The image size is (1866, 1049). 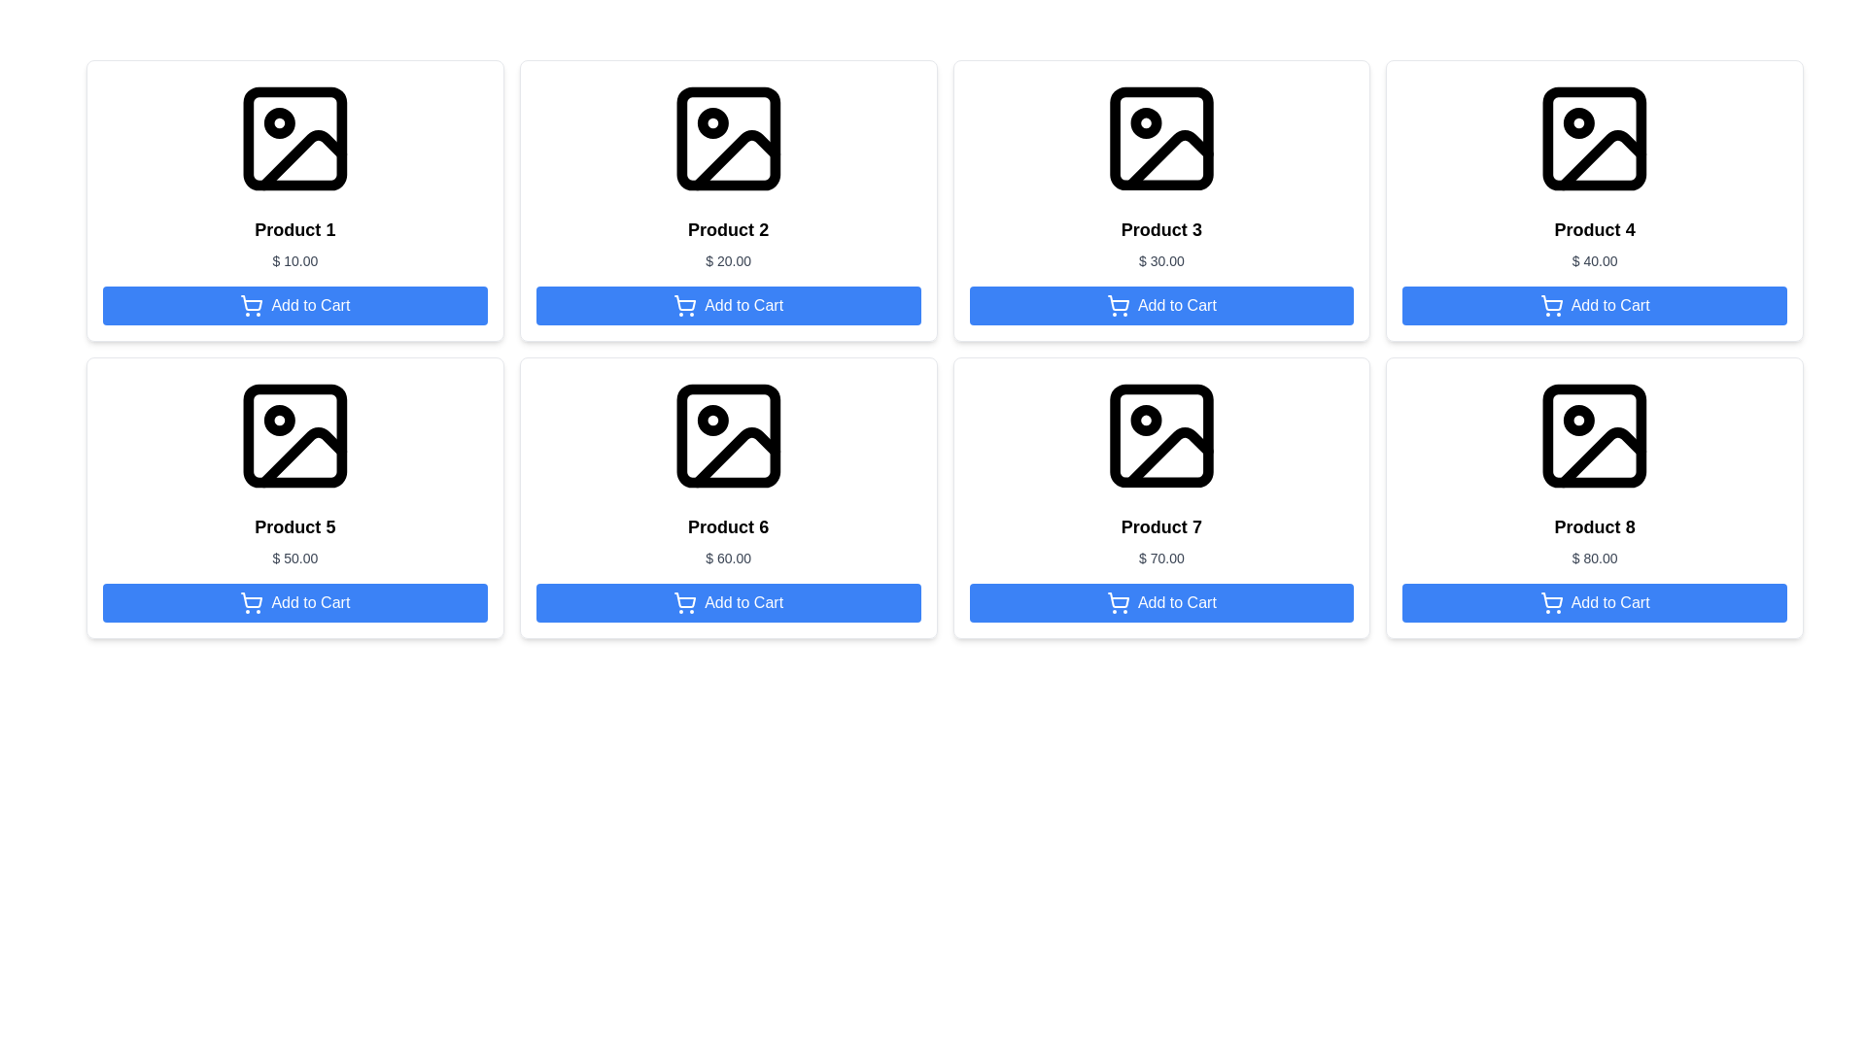 What do you see at coordinates (727, 434) in the screenshot?
I see `the graphical decorative component within the image area of 'Product 6' card, which is visually identified by its central position and surrounding graphical elements` at bounding box center [727, 434].